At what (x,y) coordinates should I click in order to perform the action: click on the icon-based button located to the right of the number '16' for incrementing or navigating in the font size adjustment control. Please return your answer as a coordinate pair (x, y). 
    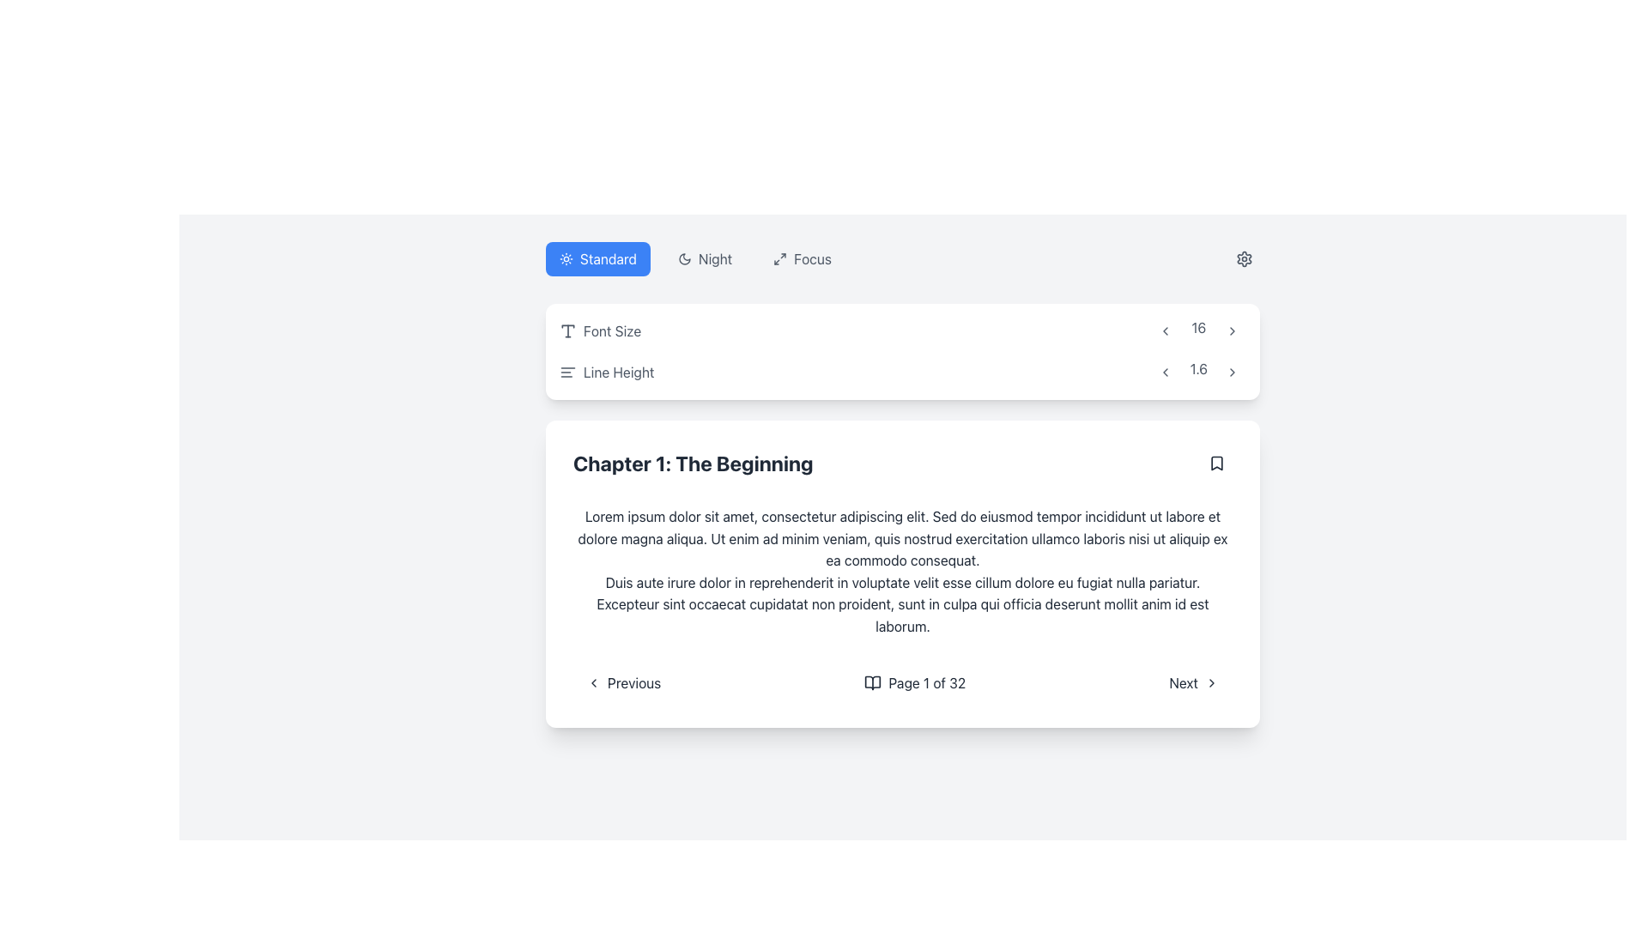
    Looking at the image, I should click on (1231, 330).